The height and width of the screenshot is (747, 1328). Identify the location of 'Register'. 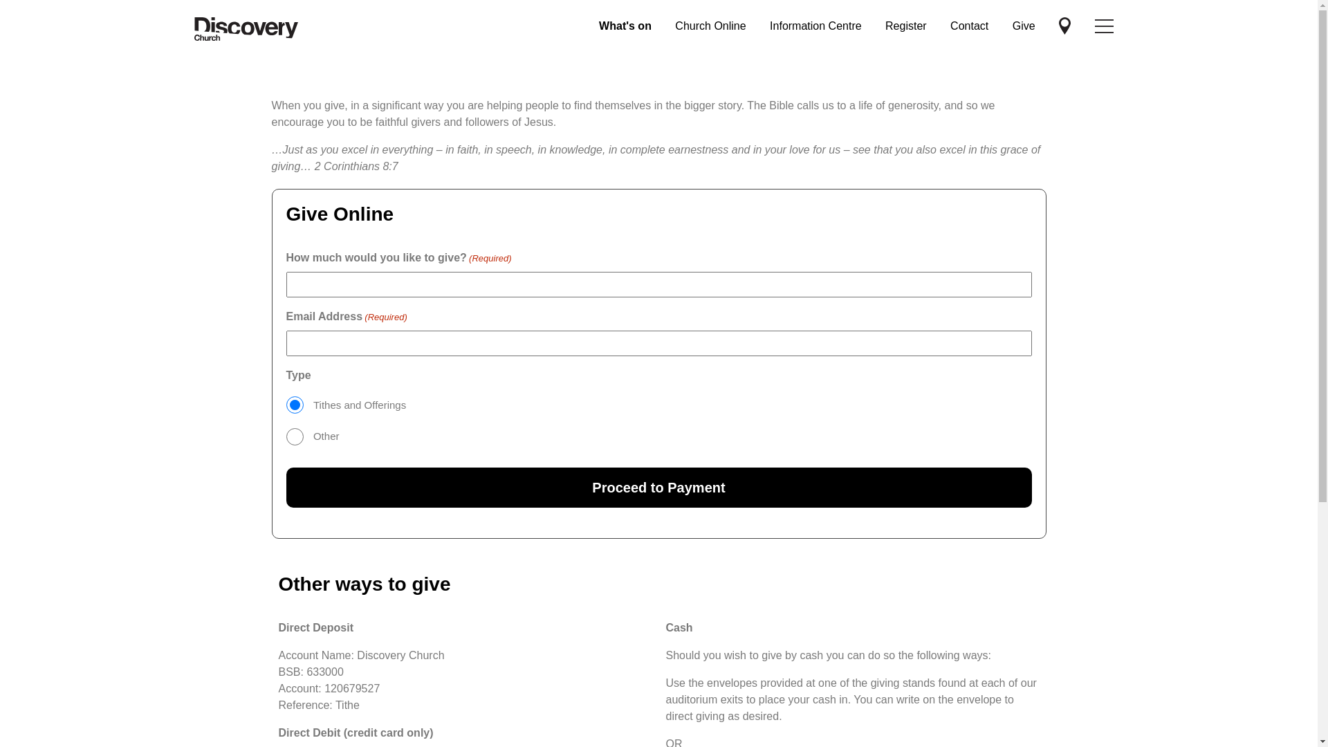
(906, 26).